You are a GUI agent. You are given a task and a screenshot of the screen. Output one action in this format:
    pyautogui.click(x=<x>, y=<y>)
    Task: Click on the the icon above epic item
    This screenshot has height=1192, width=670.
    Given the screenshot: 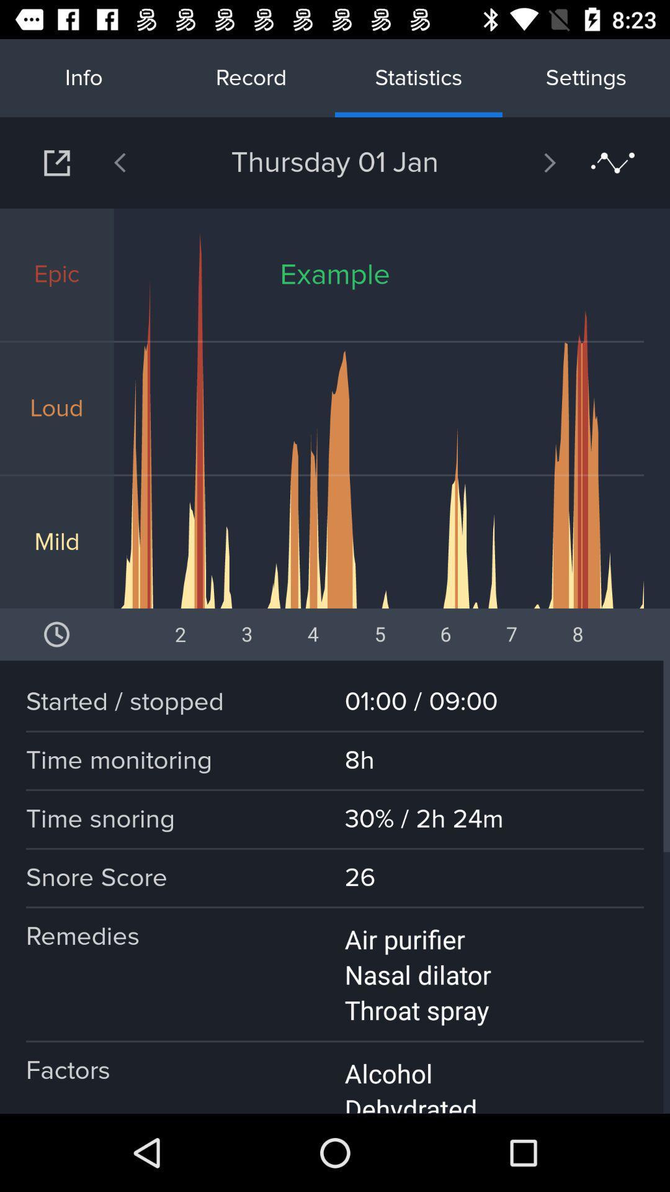 What is the action you would take?
    pyautogui.click(x=56, y=162)
    